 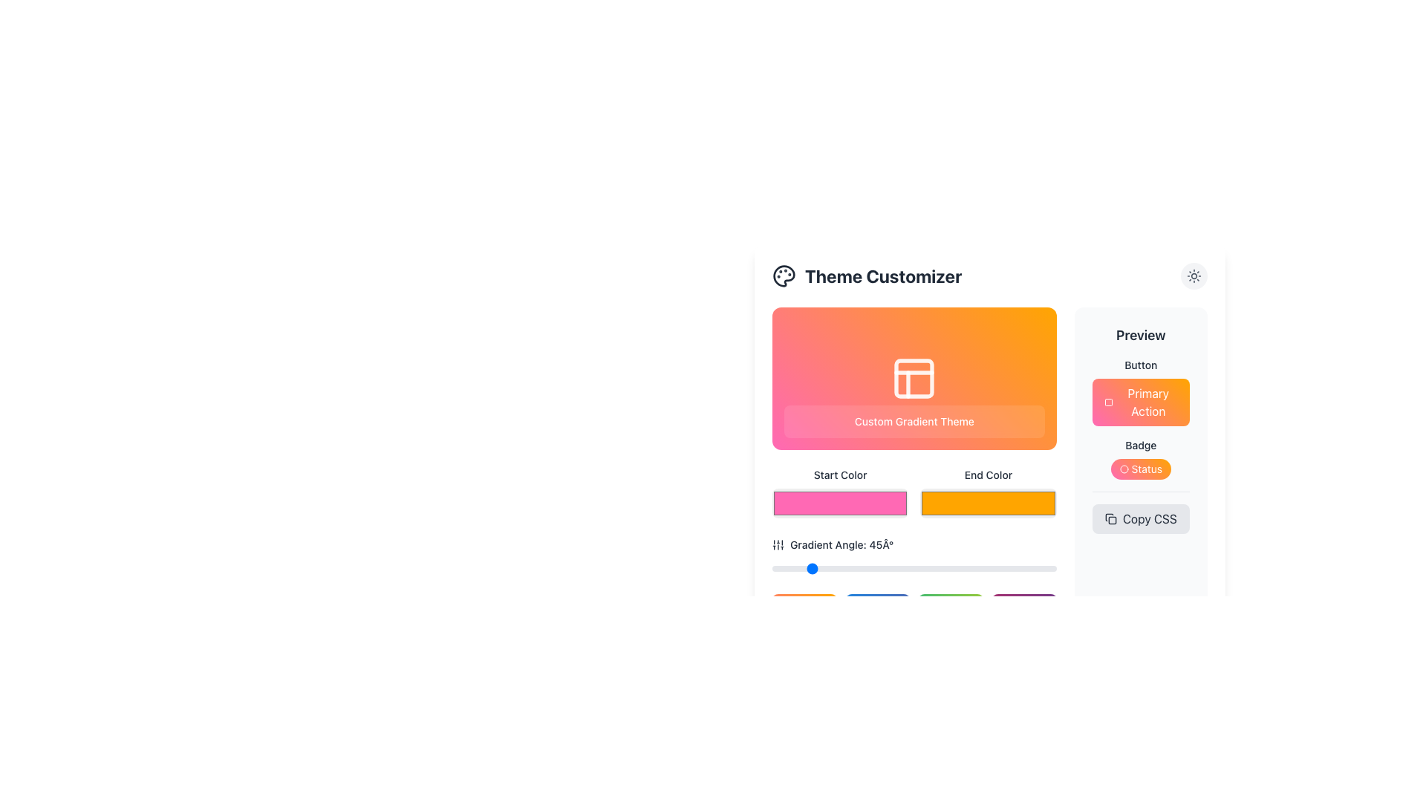 What do you see at coordinates (990, 480) in the screenshot?
I see `the Interactive color input control for setting the 'End Color' of a gradient theme` at bounding box center [990, 480].